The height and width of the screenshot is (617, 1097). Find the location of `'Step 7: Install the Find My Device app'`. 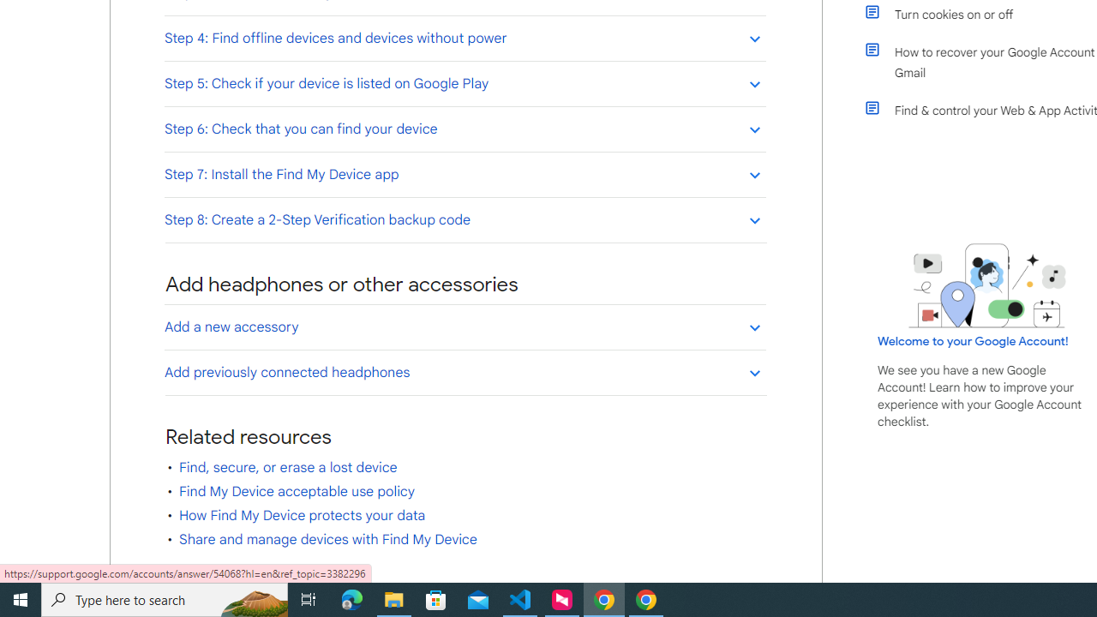

'Step 7: Install the Find My Device app' is located at coordinates (465, 174).